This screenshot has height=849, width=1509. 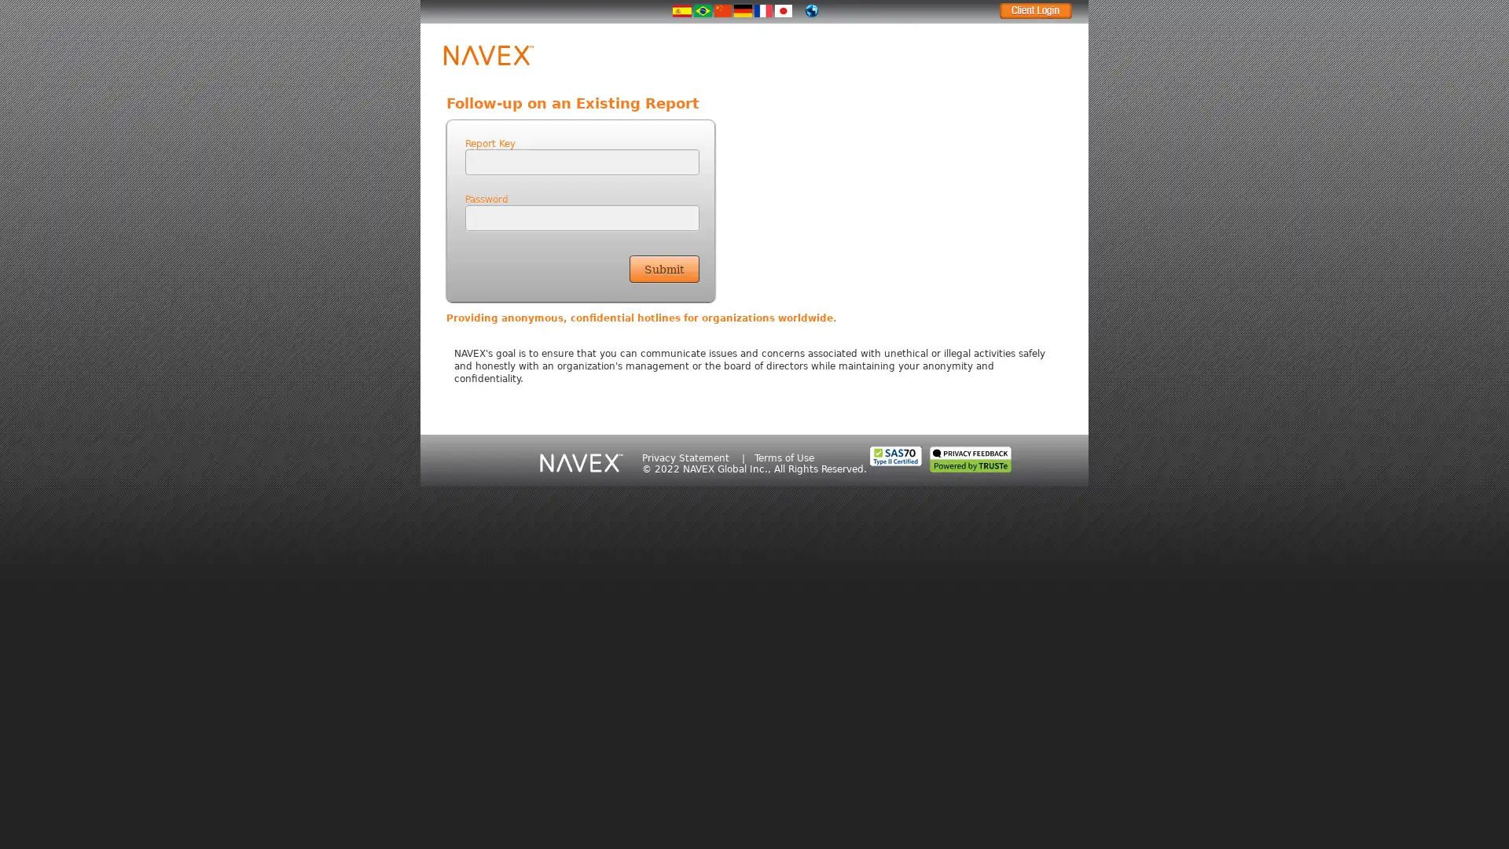 I want to click on Submit, so click(x=664, y=268).